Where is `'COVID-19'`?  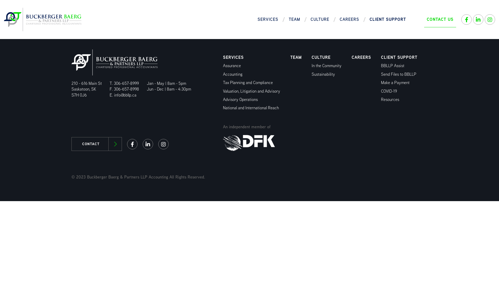 'COVID-19' is located at coordinates (389, 91).